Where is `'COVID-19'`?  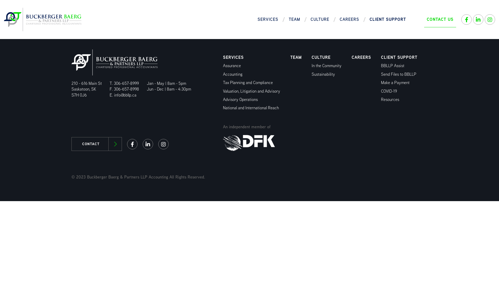 'COVID-19' is located at coordinates (389, 91).